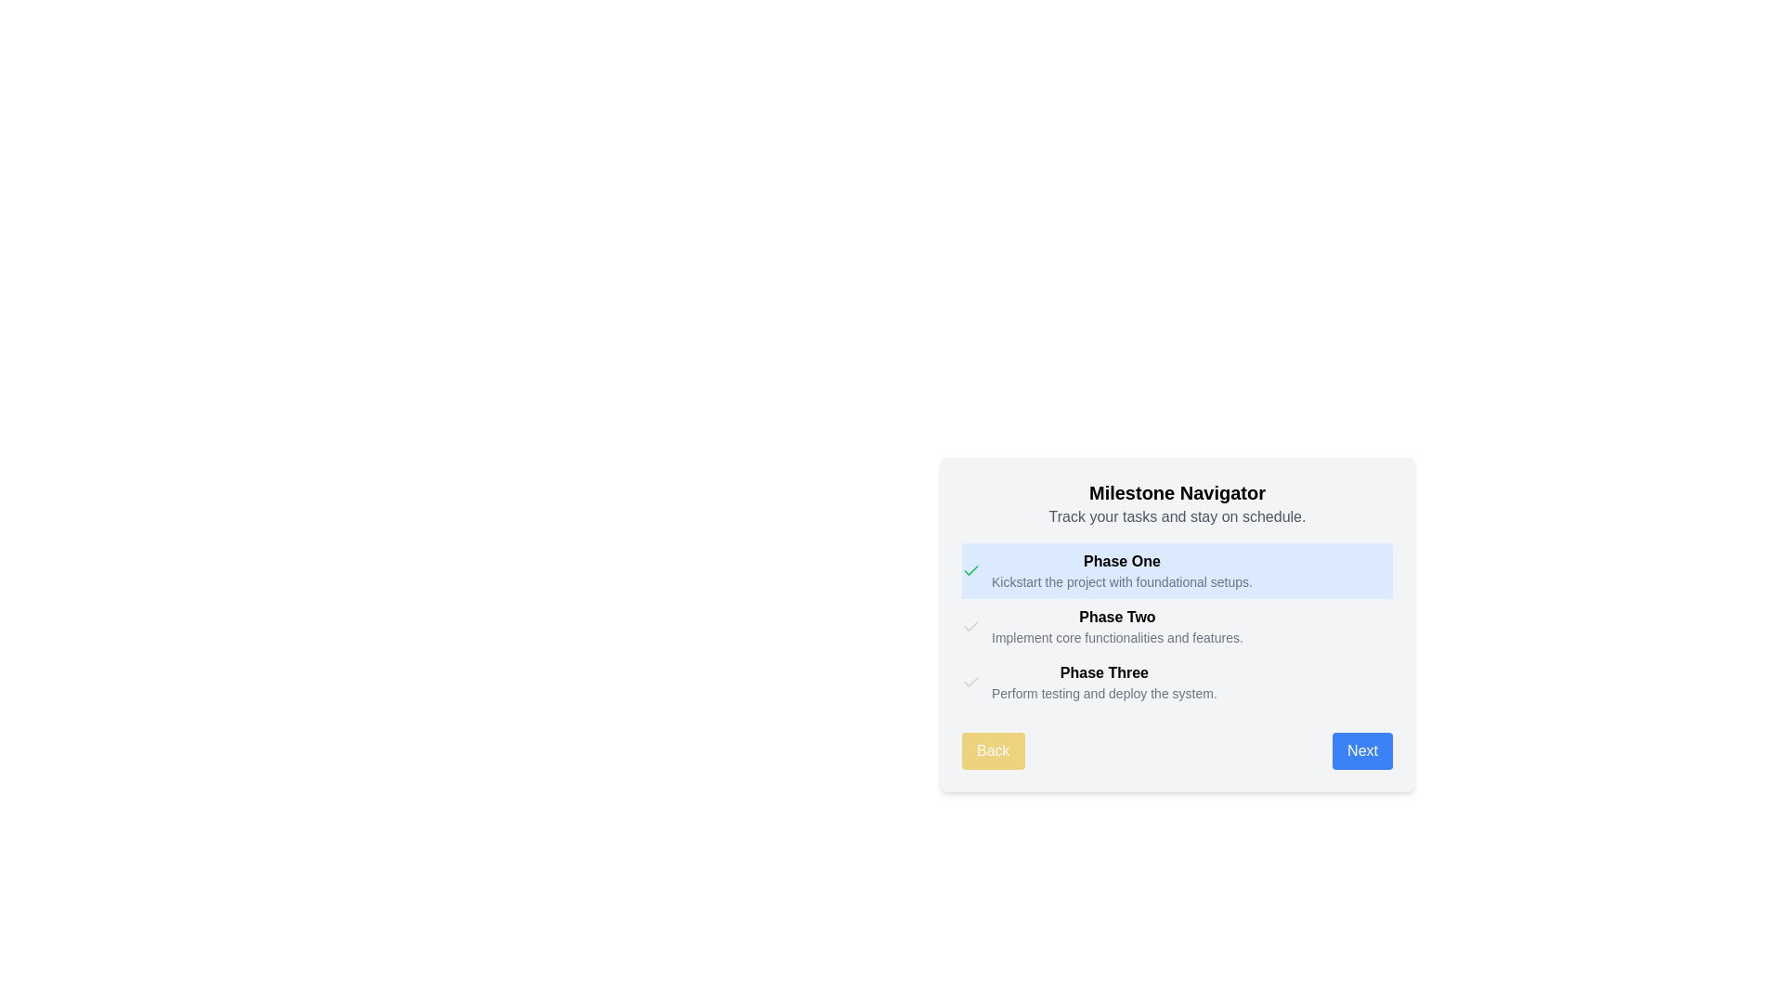 This screenshot has height=1003, width=1783. Describe the element at coordinates (1121, 581) in the screenshot. I see `the text block that provides a brief description or instruction relevant to the milestone labeled 'Phase One', located directly beneath the heading 'Phase One'` at that location.